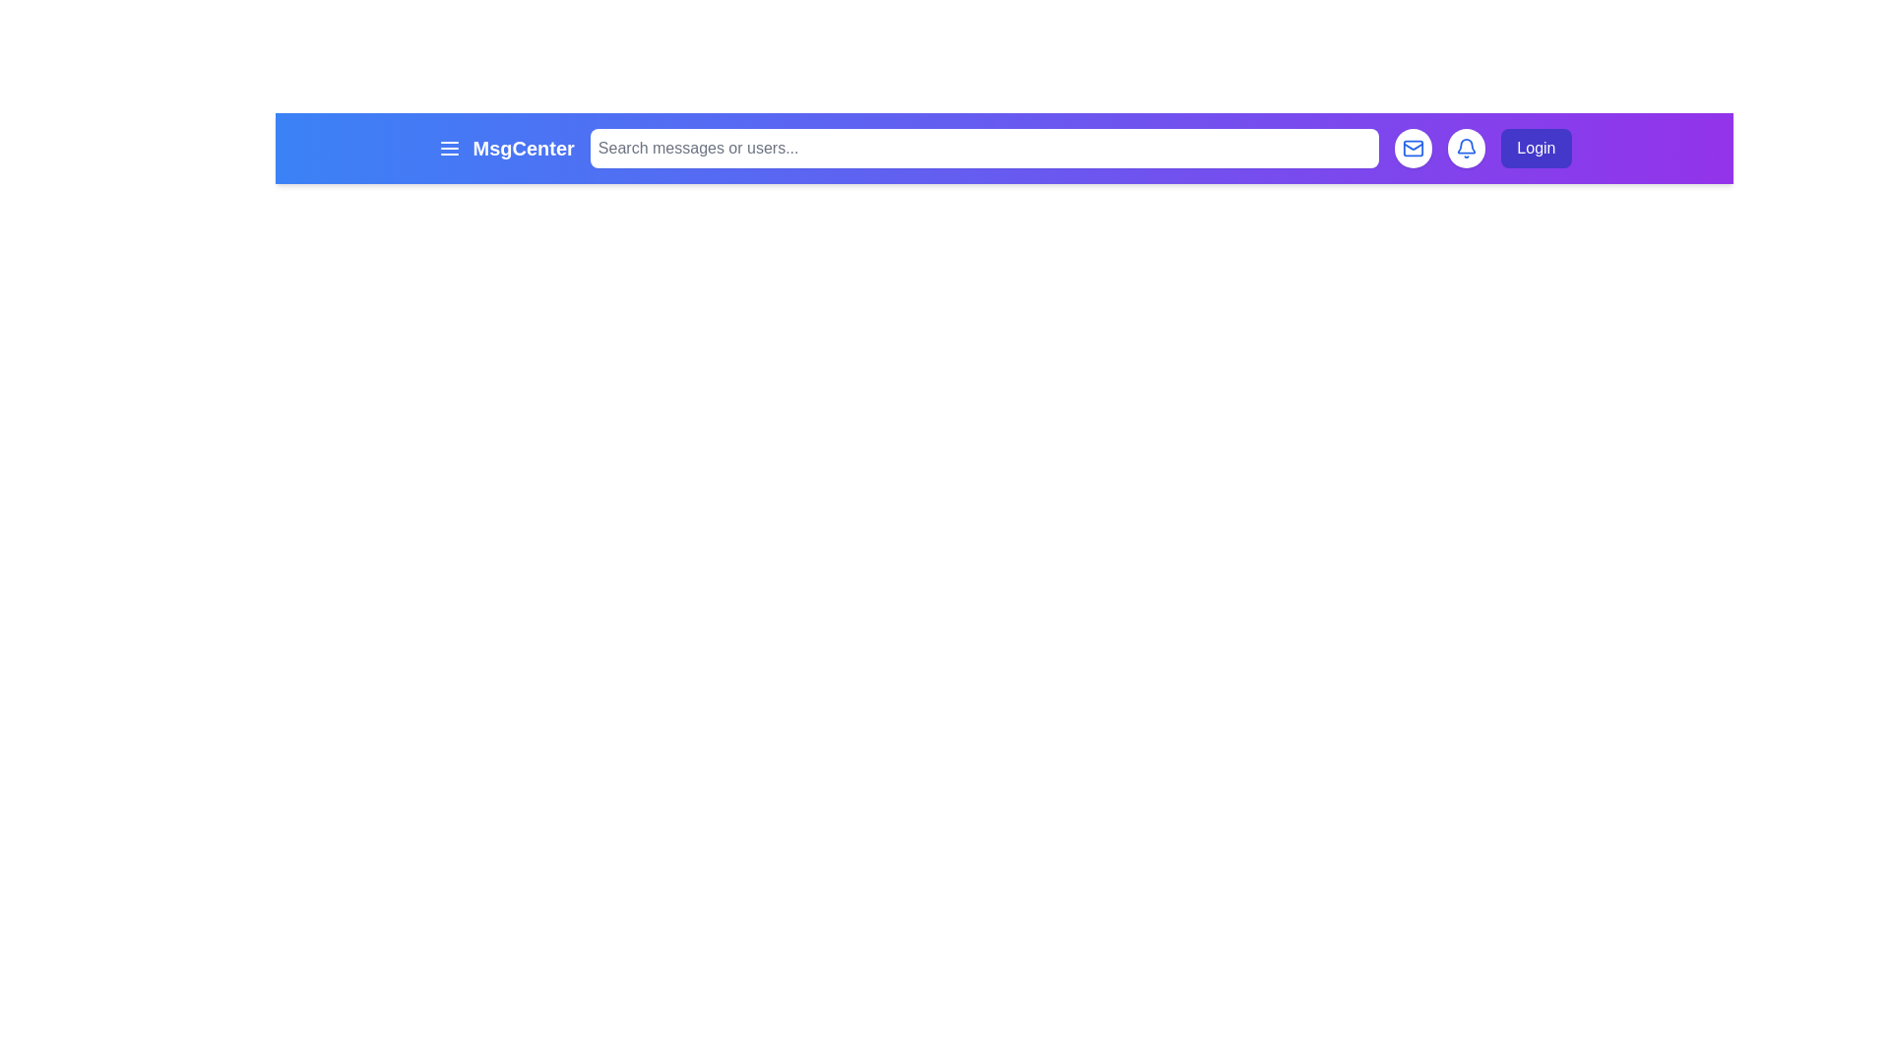 Image resolution: width=1890 pixels, height=1063 pixels. Describe the element at coordinates (1413, 147) in the screenshot. I see `the mail button to access messages` at that location.